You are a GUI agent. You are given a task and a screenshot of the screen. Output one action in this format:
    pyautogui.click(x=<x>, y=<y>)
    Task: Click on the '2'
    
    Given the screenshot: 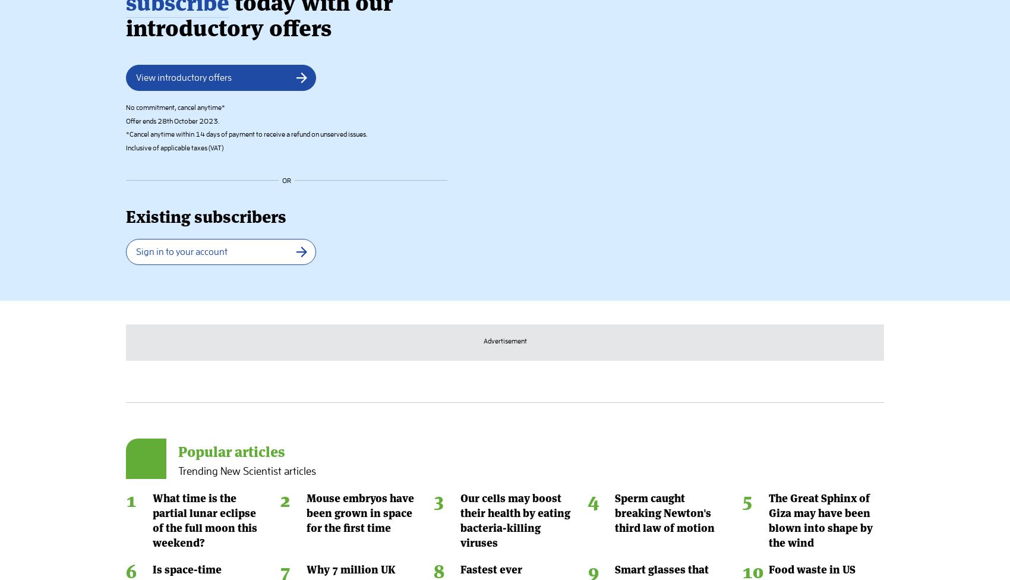 What is the action you would take?
    pyautogui.click(x=285, y=36)
    